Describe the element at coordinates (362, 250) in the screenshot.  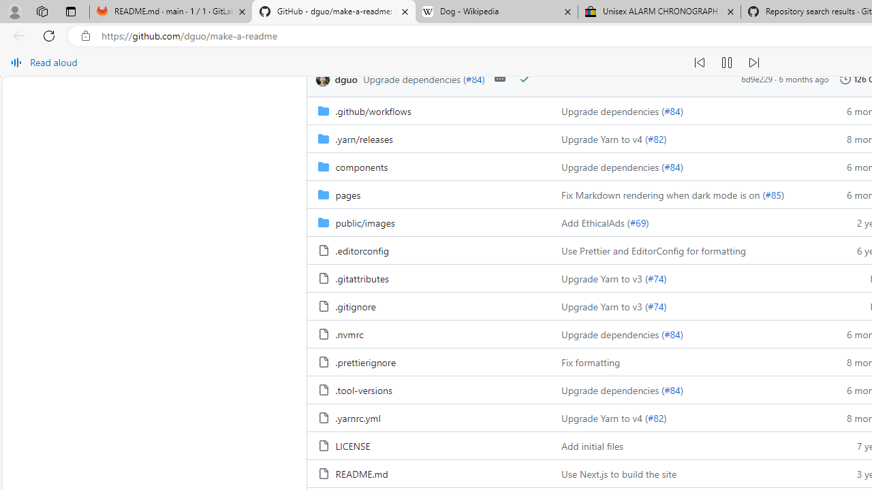
I see `'.editorconfig, (File)'` at that location.